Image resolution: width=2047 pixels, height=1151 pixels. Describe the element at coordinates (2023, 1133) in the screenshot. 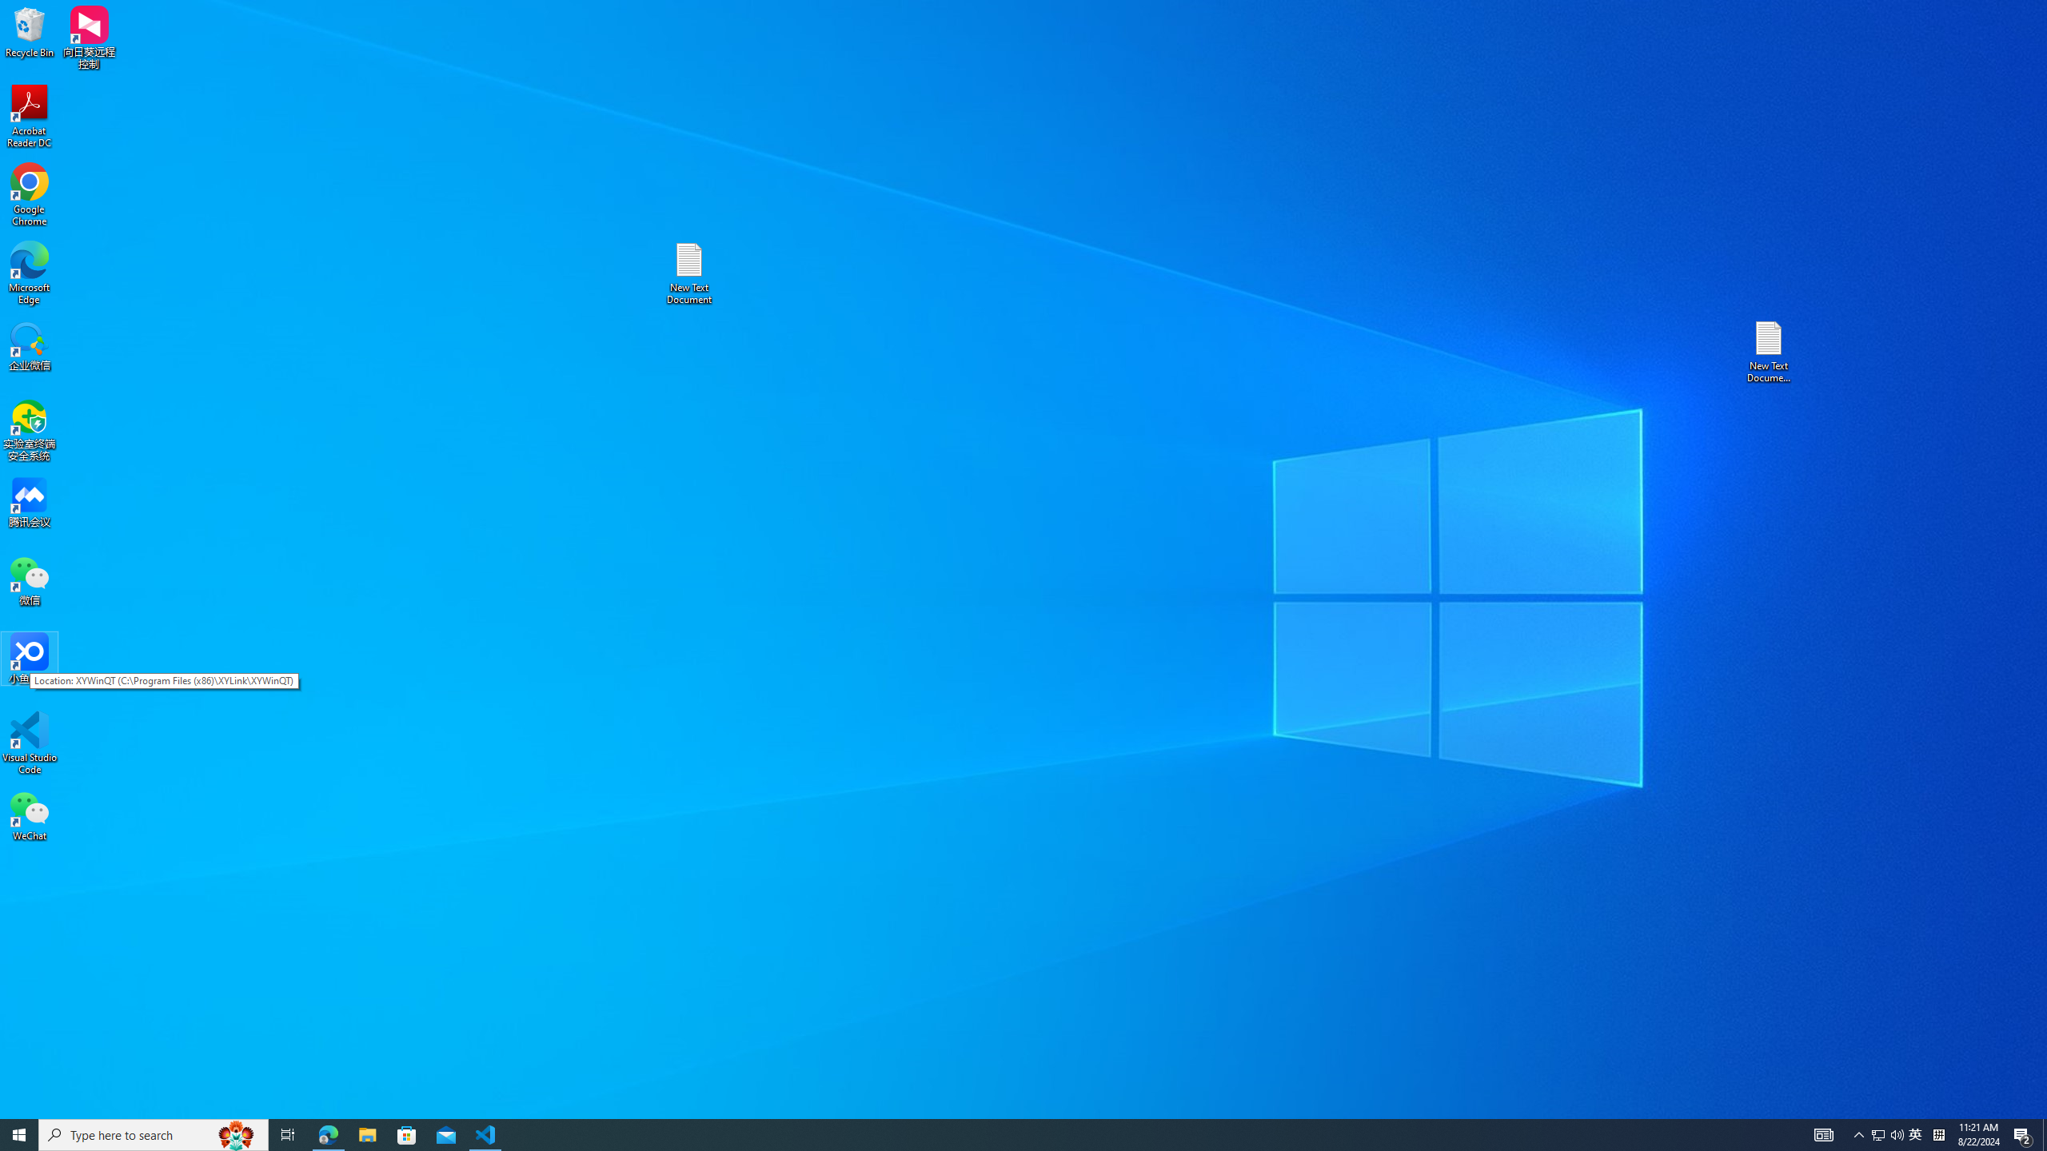

I see `'Action Center, 2 new notifications'` at that location.